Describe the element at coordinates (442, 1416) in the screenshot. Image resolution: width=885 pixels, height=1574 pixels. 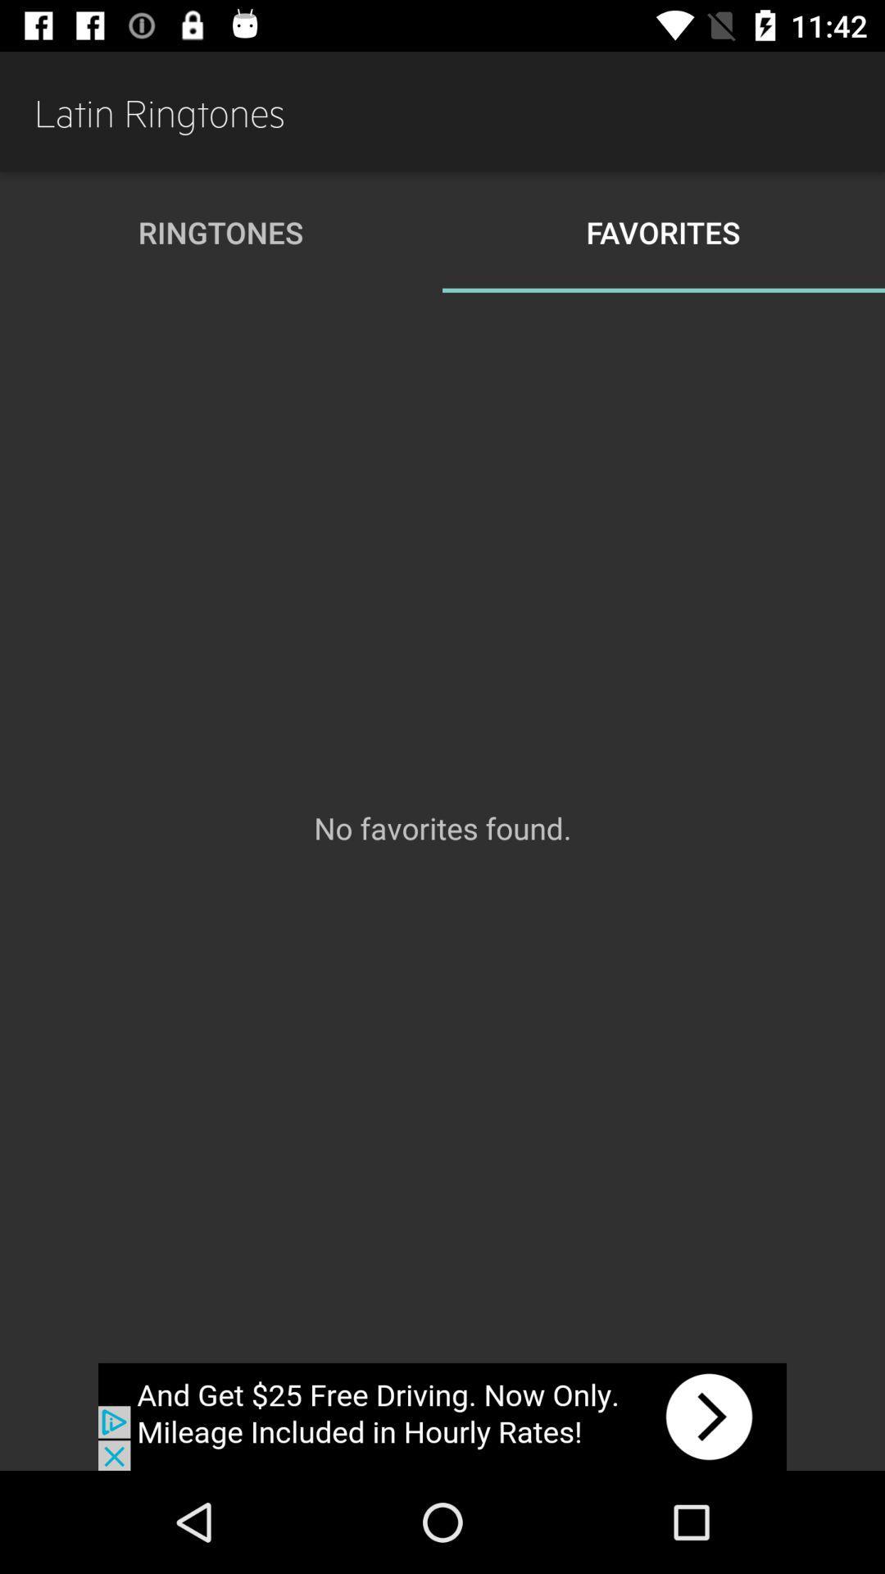
I see `autoplay option` at that location.